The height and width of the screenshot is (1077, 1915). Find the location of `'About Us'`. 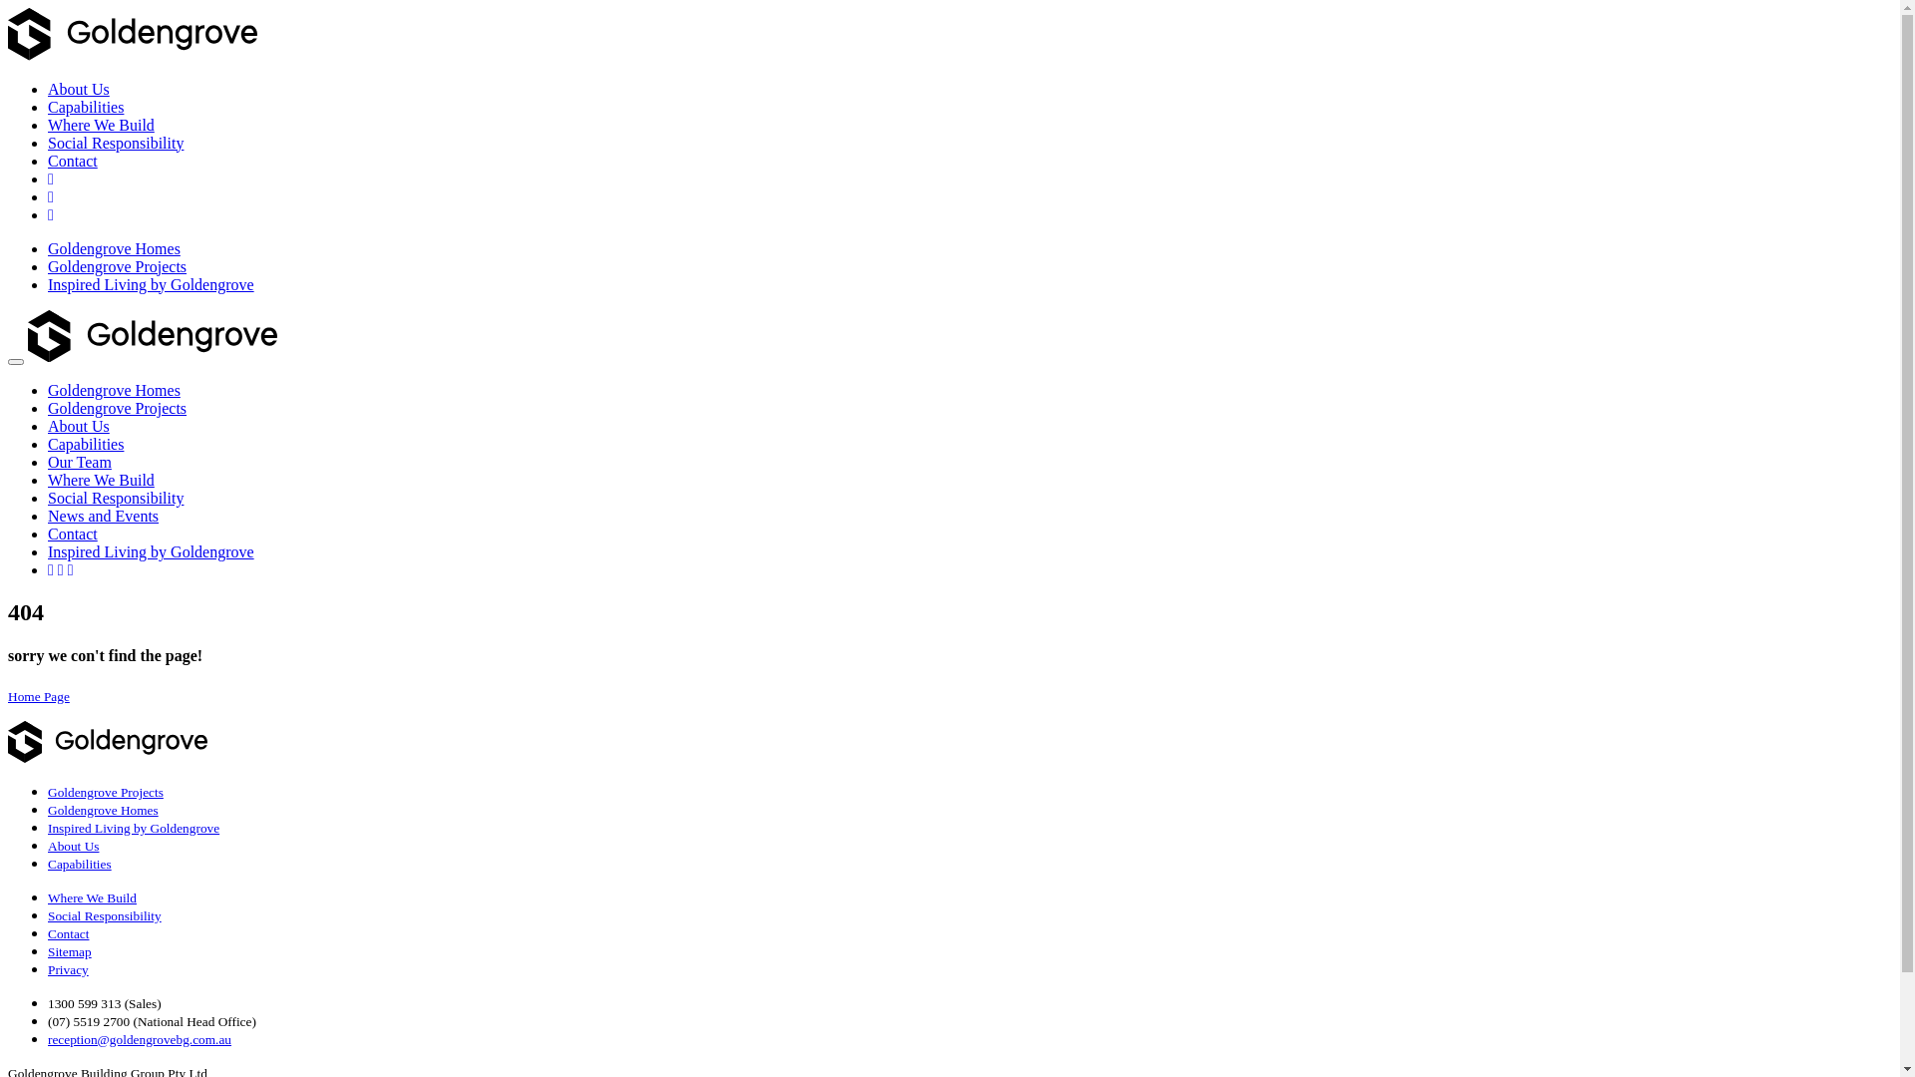

'About Us' is located at coordinates (48, 425).